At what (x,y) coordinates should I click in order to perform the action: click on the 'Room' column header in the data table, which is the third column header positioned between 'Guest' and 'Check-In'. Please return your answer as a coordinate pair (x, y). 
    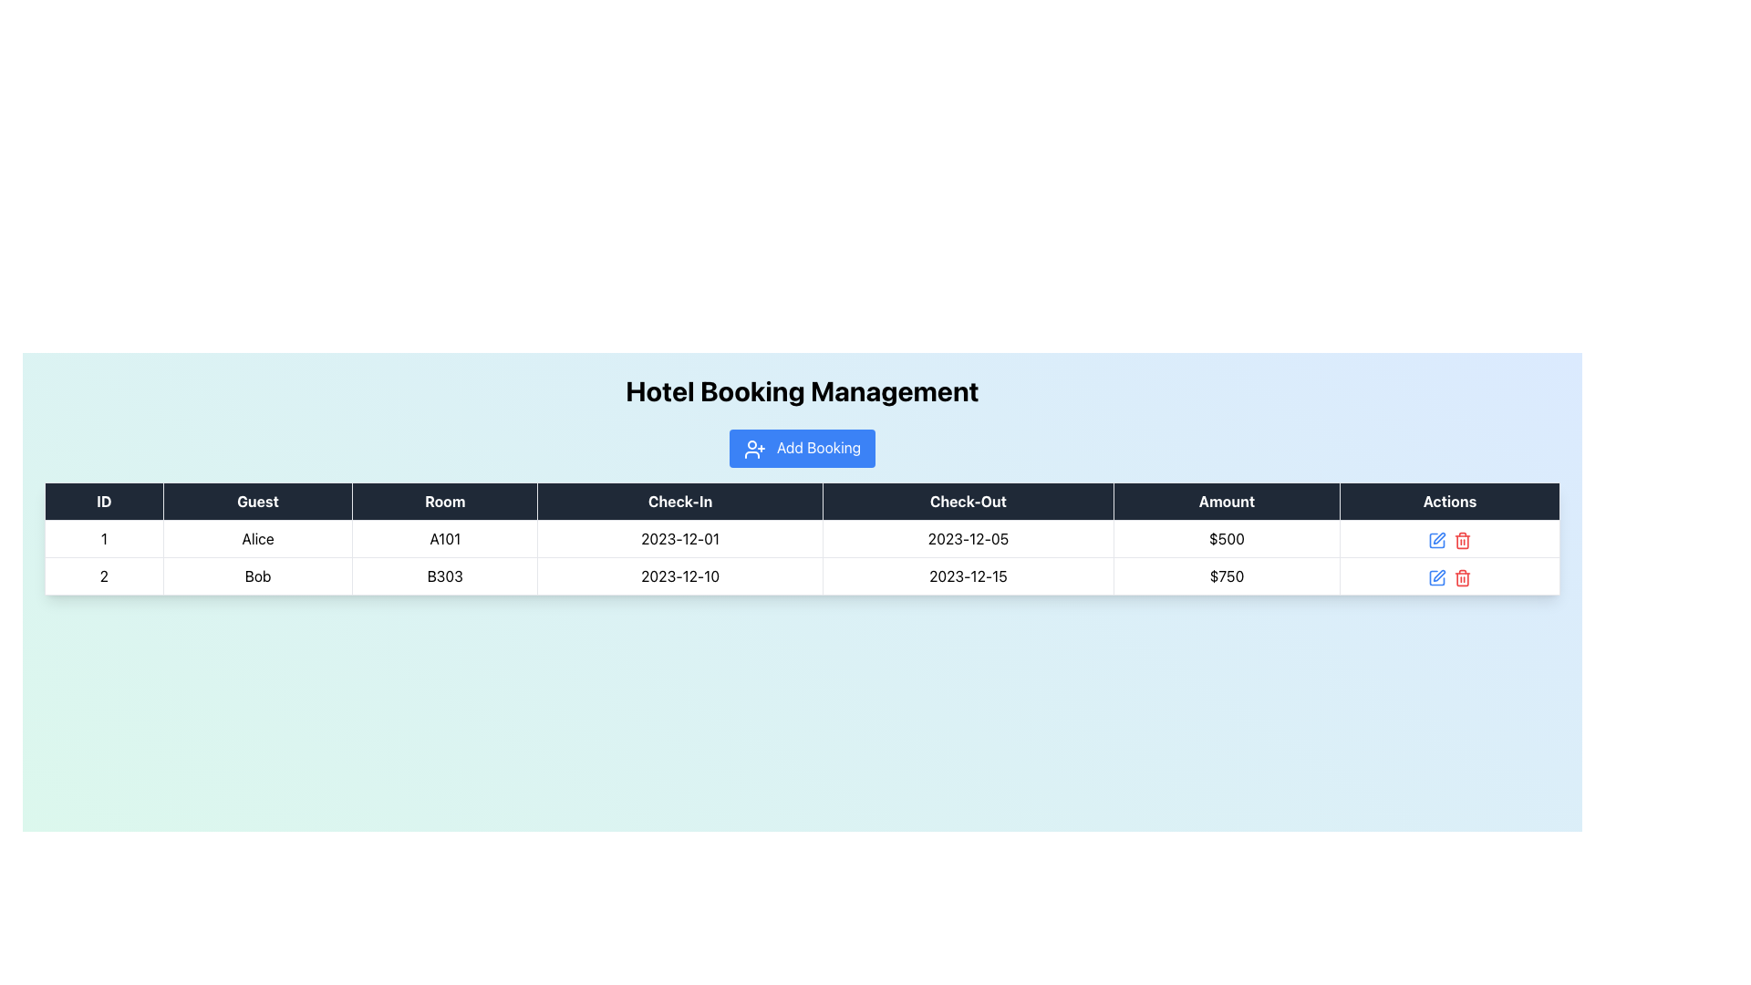
    Looking at the image, I should click on (445, 501).